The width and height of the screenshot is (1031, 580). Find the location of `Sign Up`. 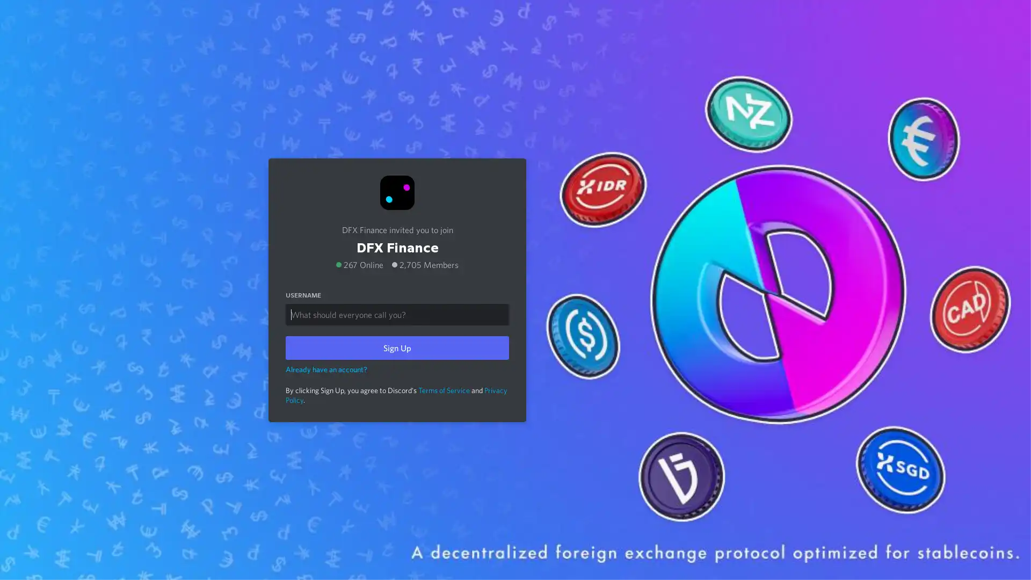

Sign Up is located at coordinates (396, 347).